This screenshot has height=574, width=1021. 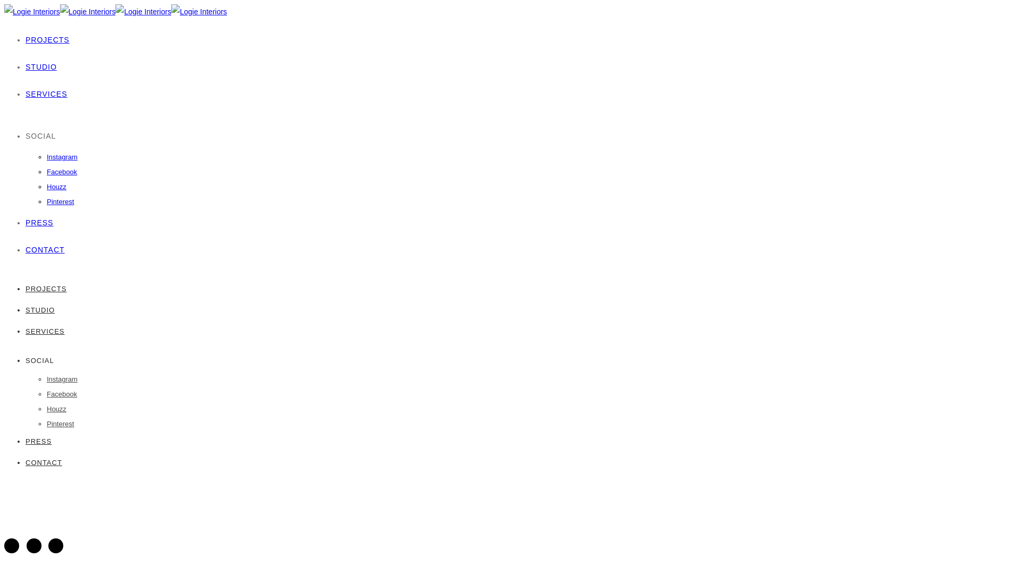 What do you see at coordinates (40, 135) in the screenshot?
I see `'SOCIAL'` at bounding box center [40, 135].